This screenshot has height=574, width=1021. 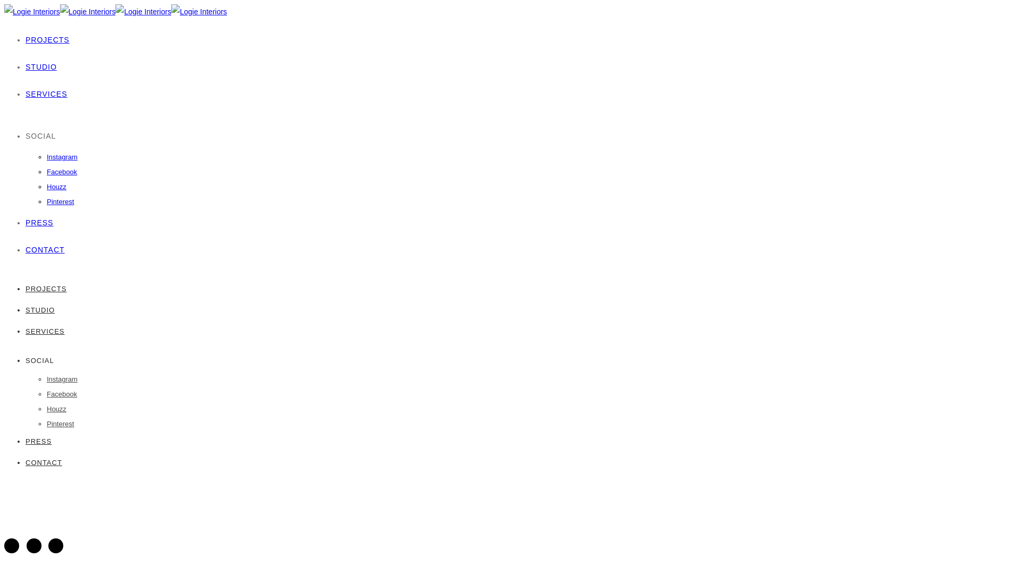 What do you see at coordinates (40, 135) in the screenshot?
I see `'SOCIAL'` at bounding box center [40, 135].